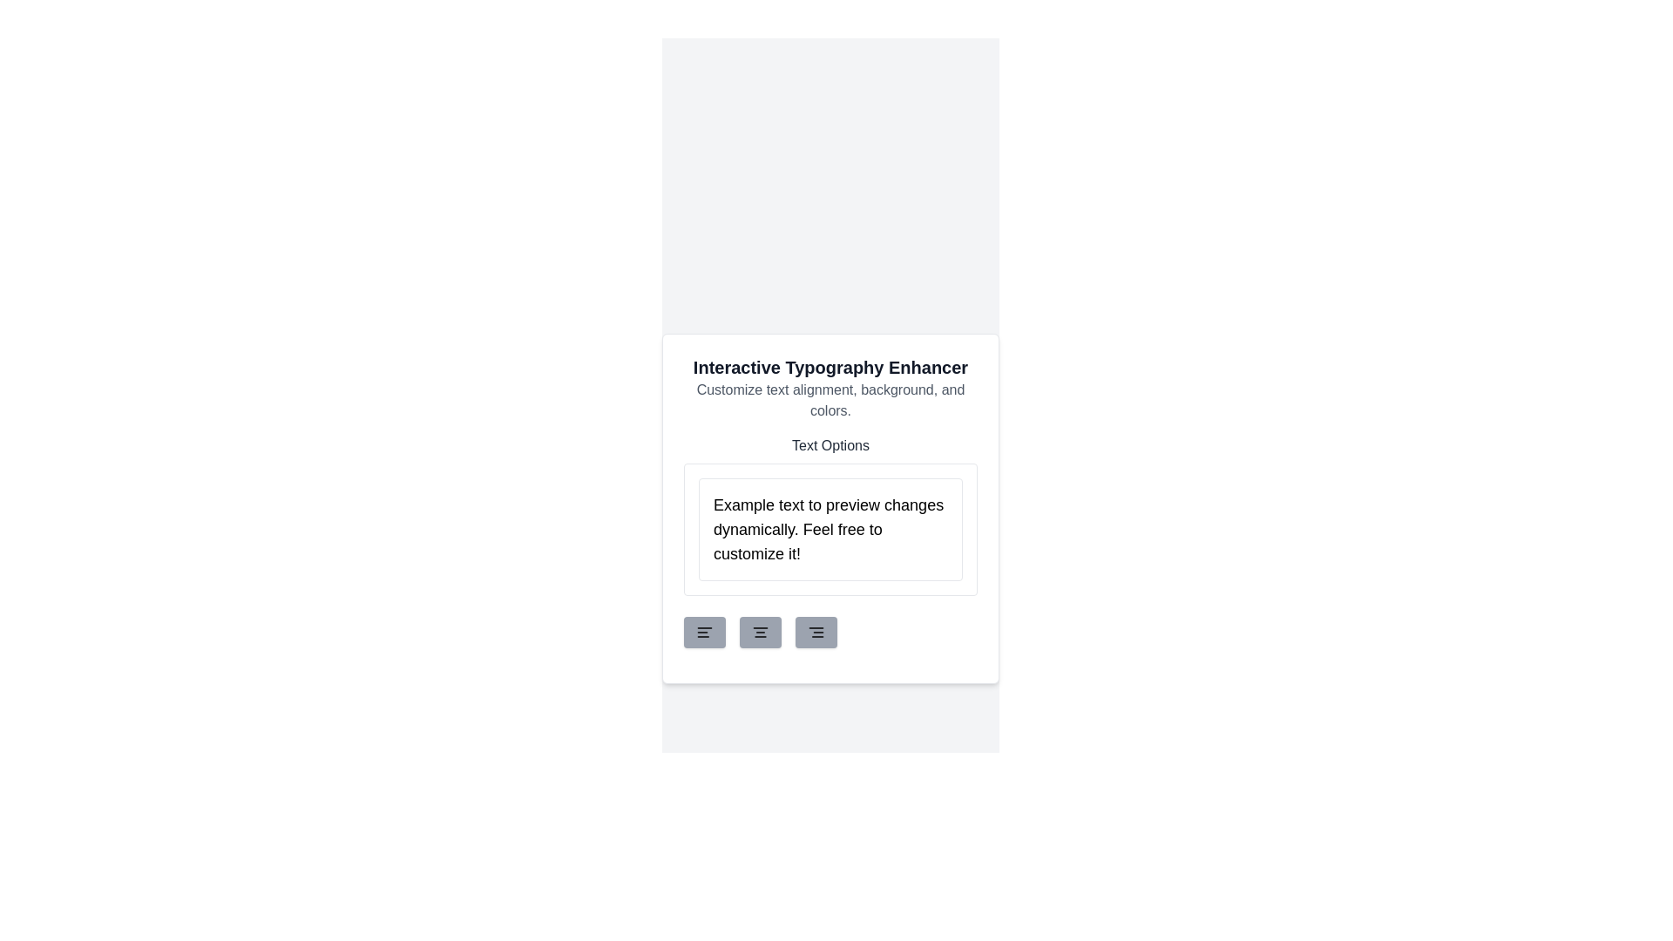 Image resolution: width=1673 pixels, height=941 pixels. I want to click on the leftmost Icon Button in the 'Interactive Typography Enhancer' group, so click(705, 632).